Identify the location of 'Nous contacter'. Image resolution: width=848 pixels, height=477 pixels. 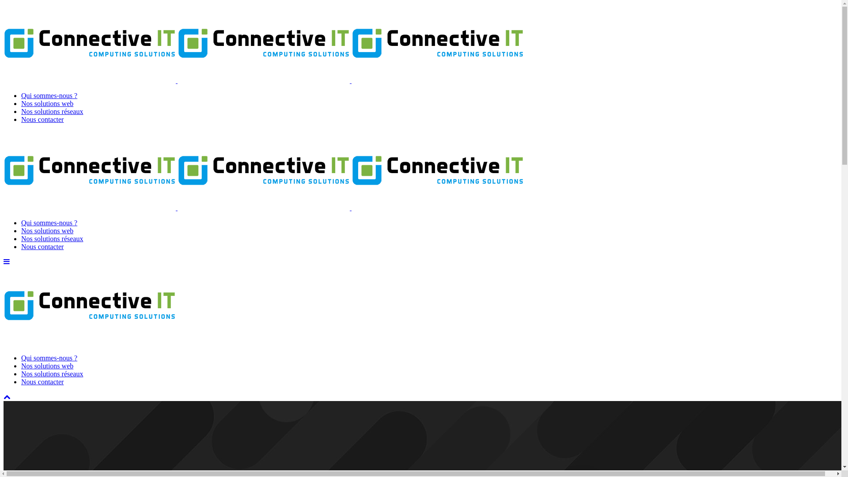
(42, 381).